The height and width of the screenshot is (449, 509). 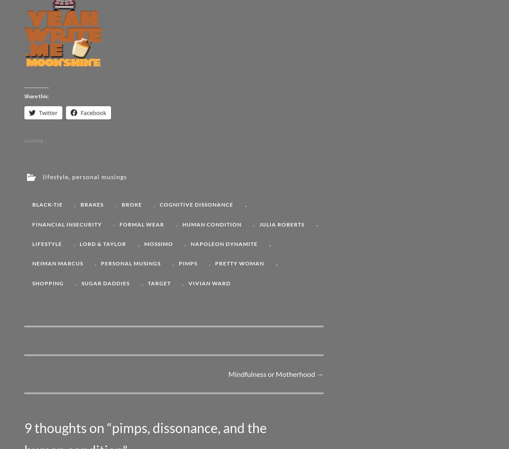 I want to click on 'shopping', so click(x=47, y=282).